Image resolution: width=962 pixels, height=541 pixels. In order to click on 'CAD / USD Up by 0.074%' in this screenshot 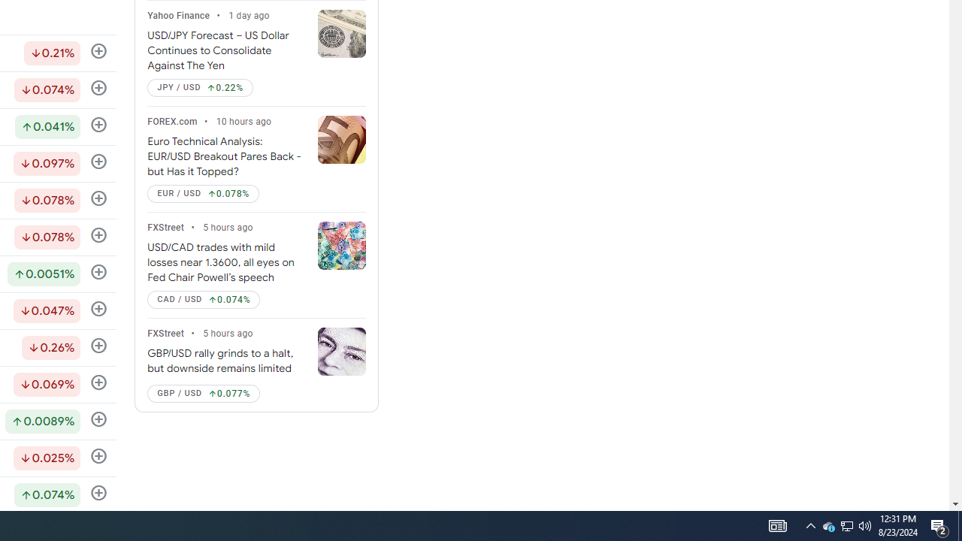, I will do `click(203, 300)`.